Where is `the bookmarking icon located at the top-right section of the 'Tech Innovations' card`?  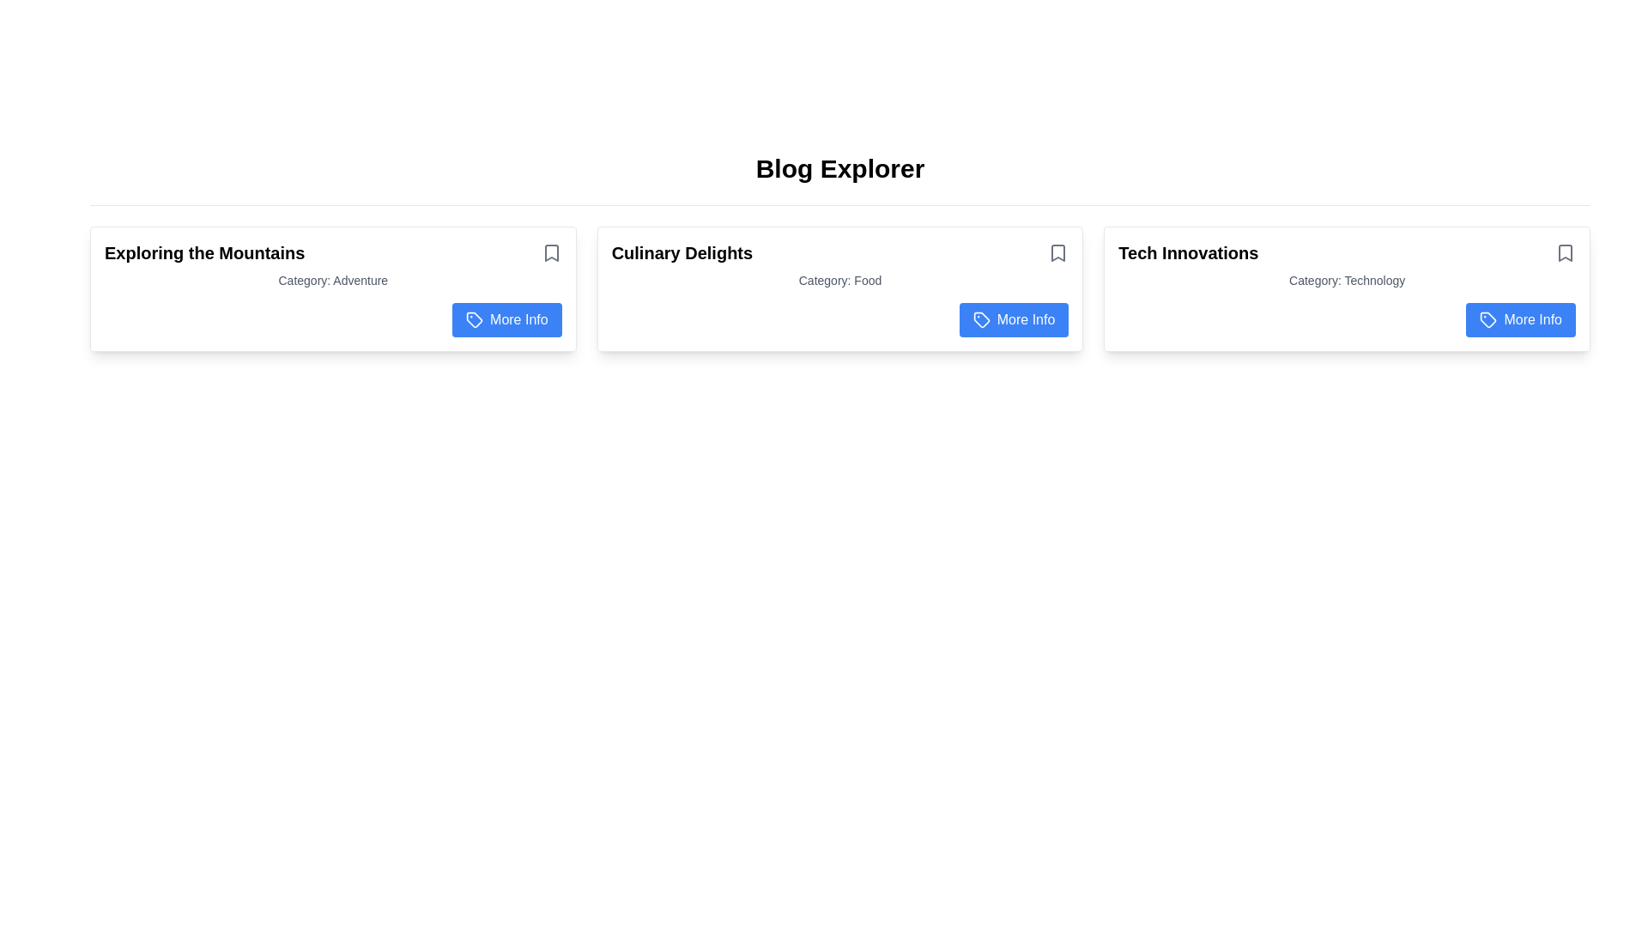
the bookmarking icon located at the top-right section of the 'Tech Innovations' card is located at coordinates (1566, 252).